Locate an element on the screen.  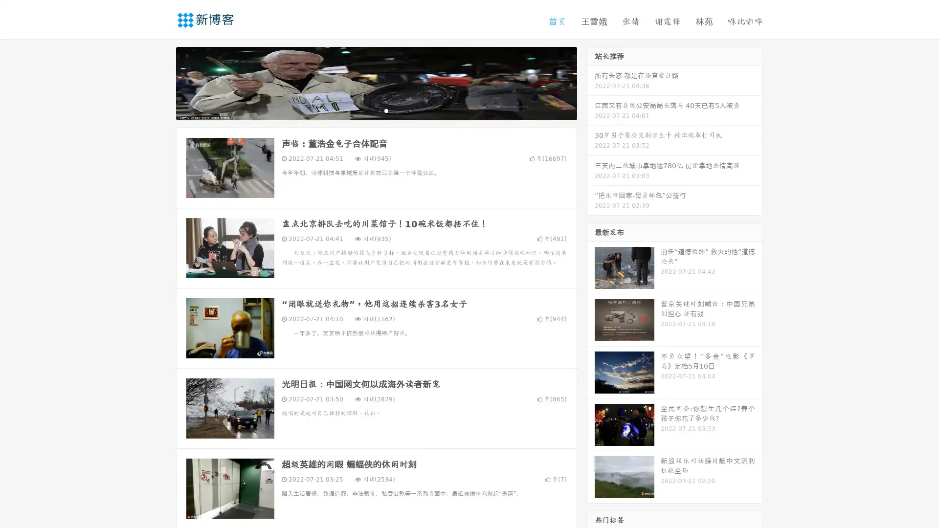
Previous slide is located at coordinates (161, 82).